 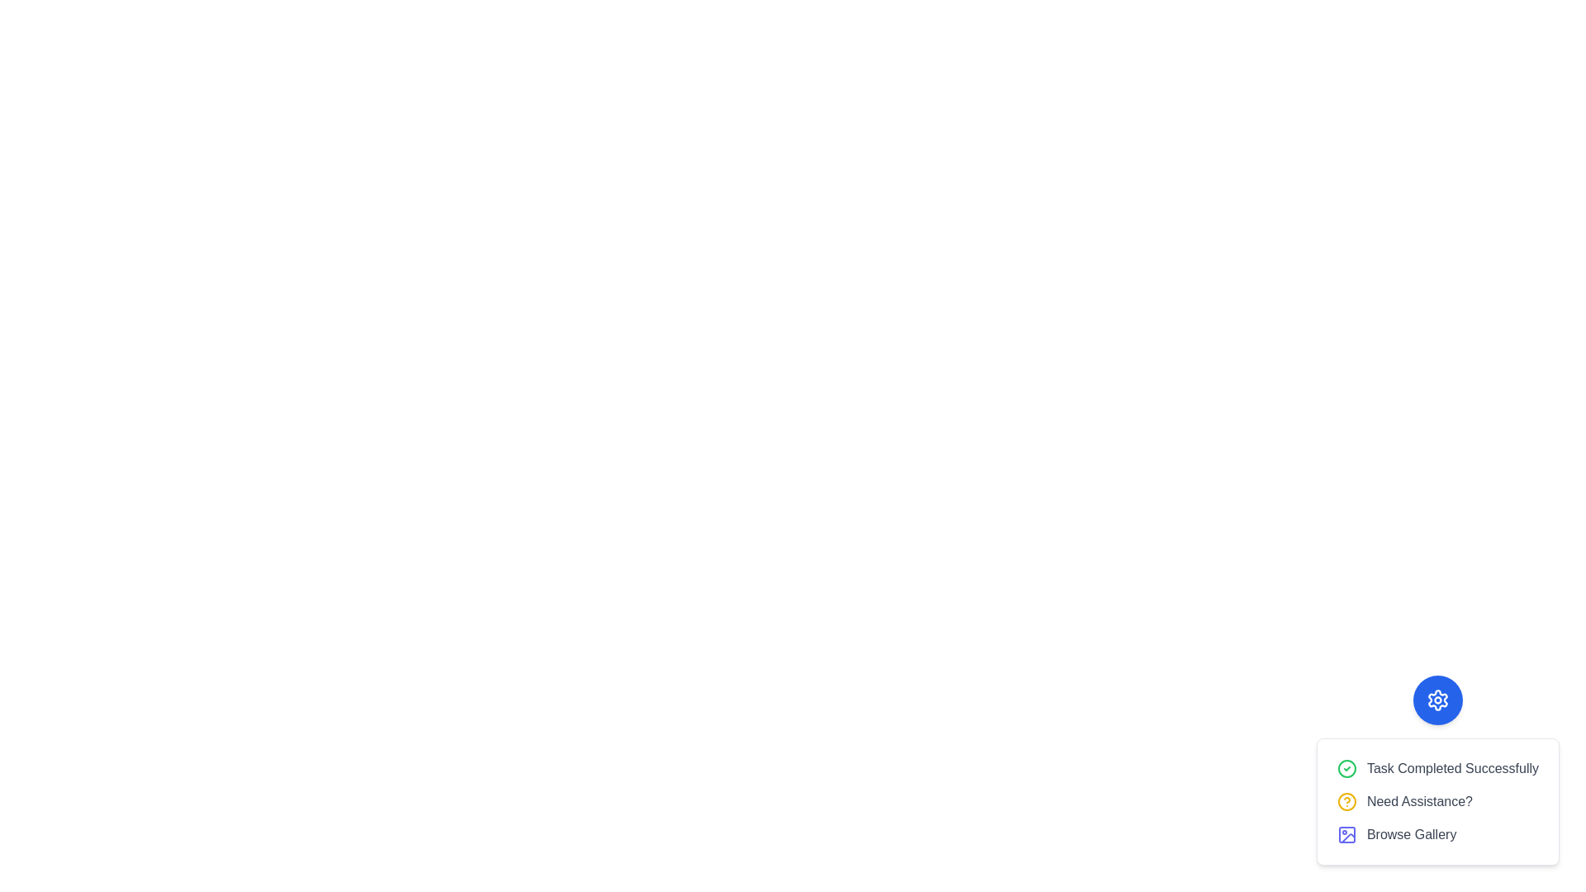 I want to click on the informational and interactive group at the bottom-right corner of the interface, so click(x=1436, y=801).